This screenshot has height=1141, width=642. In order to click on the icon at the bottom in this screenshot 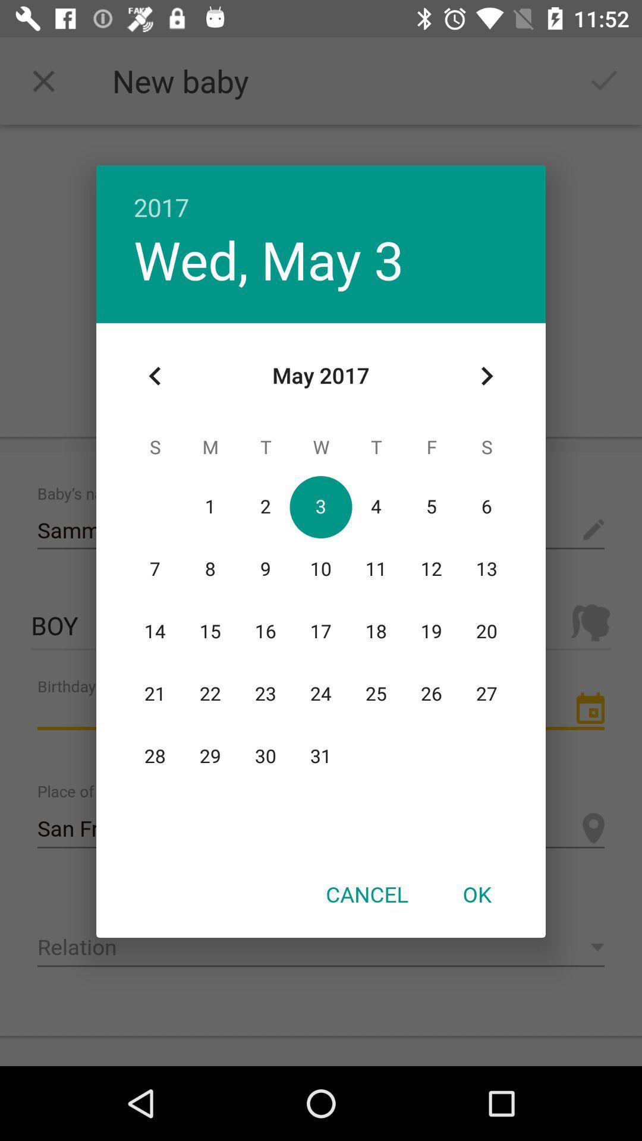, I will do `click(366, 894)`.